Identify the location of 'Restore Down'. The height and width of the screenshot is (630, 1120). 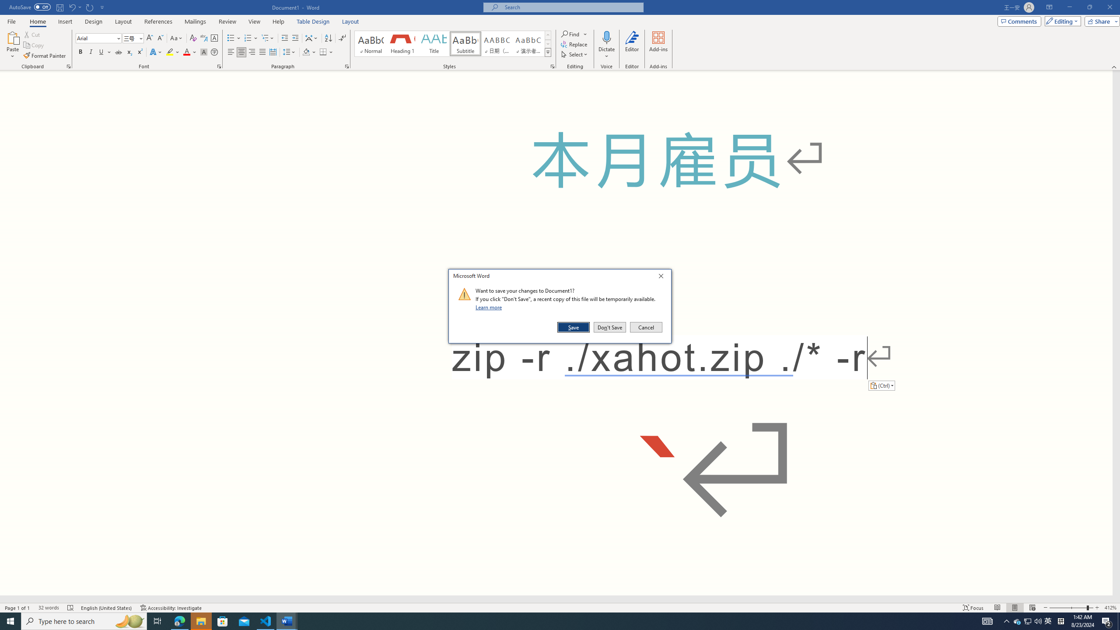
(1089, 7).